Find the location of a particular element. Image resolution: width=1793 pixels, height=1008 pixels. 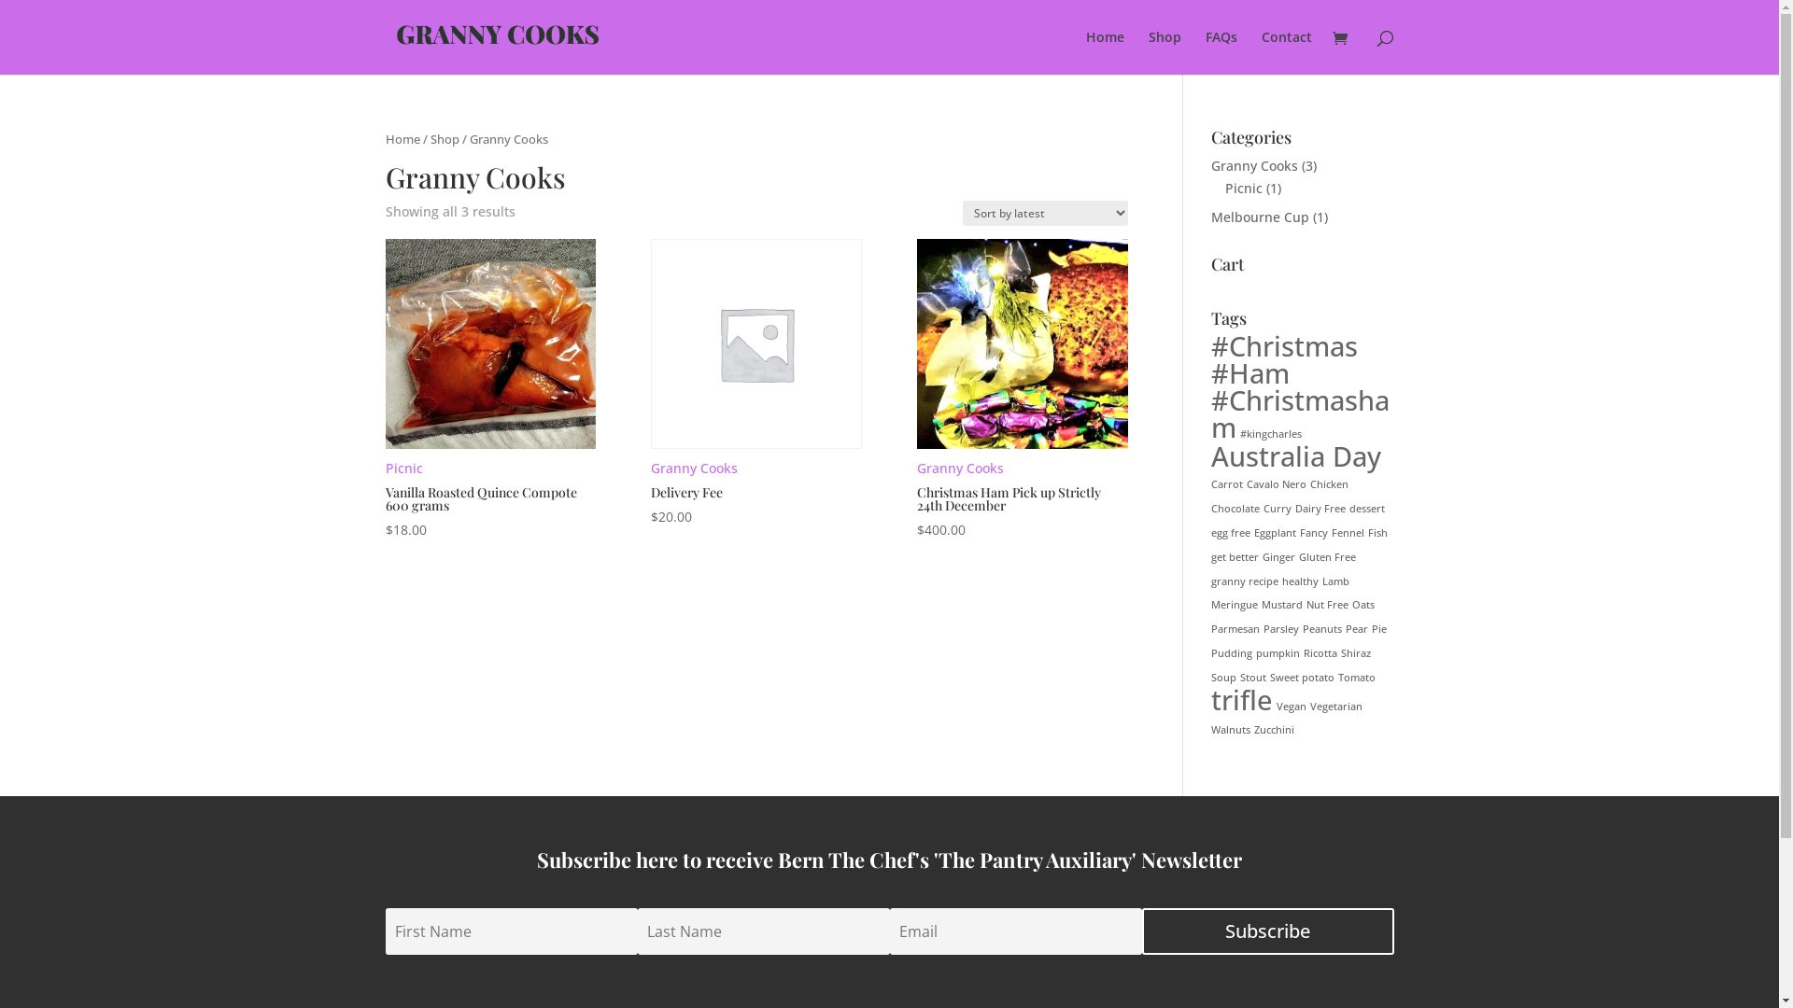

'Curry' is located at coordinates (1277, 508).